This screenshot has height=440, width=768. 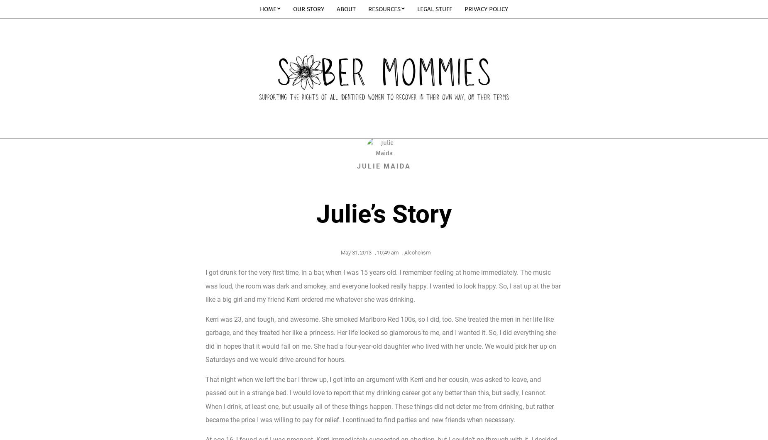 What do you see at coordinates (346, 9) in the screenshot?
I see `'ABOUT'` at bounding box center [346, 9].